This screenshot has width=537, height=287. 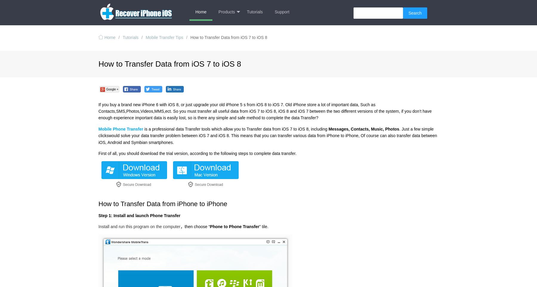 What do you see at coordinates (197, 153) in the screenshot?
I see `'First of all, you should download the trial version, according to the following steps to complete data transfer.'` at bounding box center [197, 153].